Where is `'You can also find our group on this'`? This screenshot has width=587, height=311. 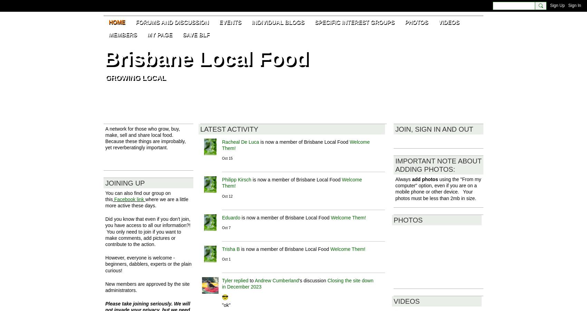
'You can also find our group on this' is located at coordinates (105, 196).